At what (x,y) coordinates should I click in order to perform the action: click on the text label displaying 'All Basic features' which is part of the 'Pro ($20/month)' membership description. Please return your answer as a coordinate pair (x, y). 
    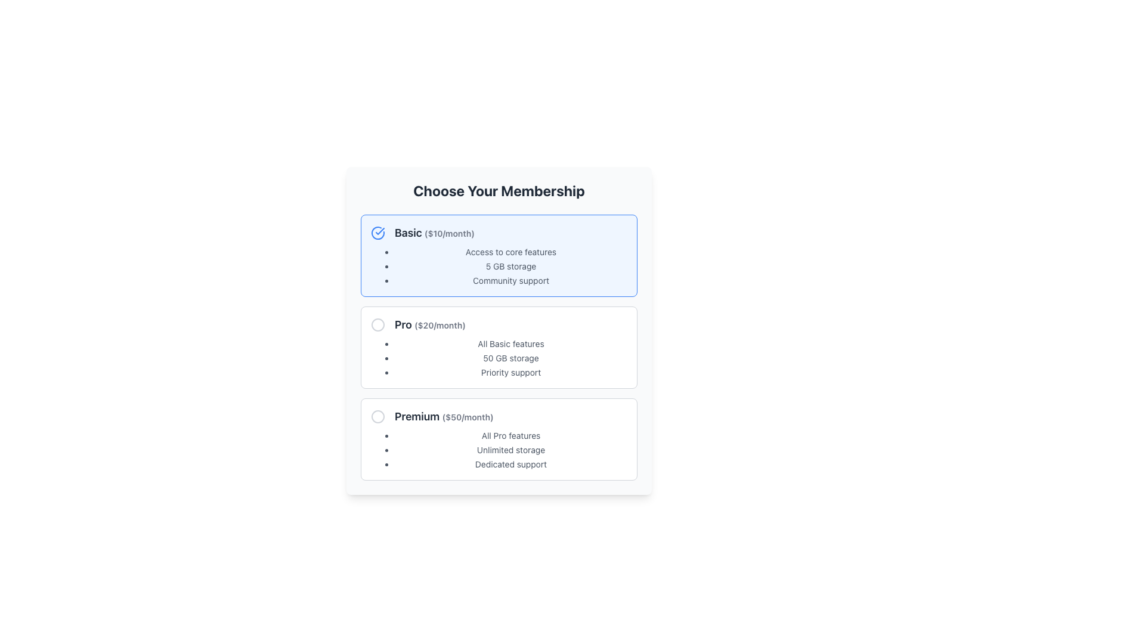
    Looking at the image, I should click on (511, 344).